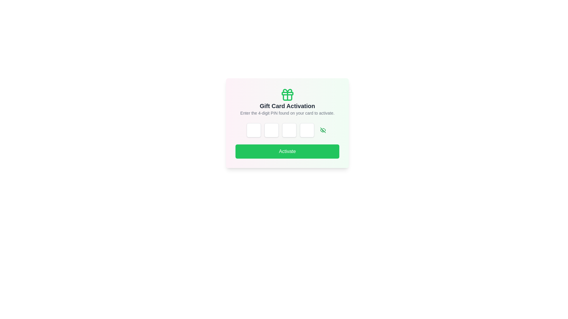 This screenshot has width=568, height=319. Describe the element at coordinates (287, 94) in the screenshot. I see `the gift card activation icon located at the top center of the card interface, directly above the heading 'Gift Card Activation'` at that location.